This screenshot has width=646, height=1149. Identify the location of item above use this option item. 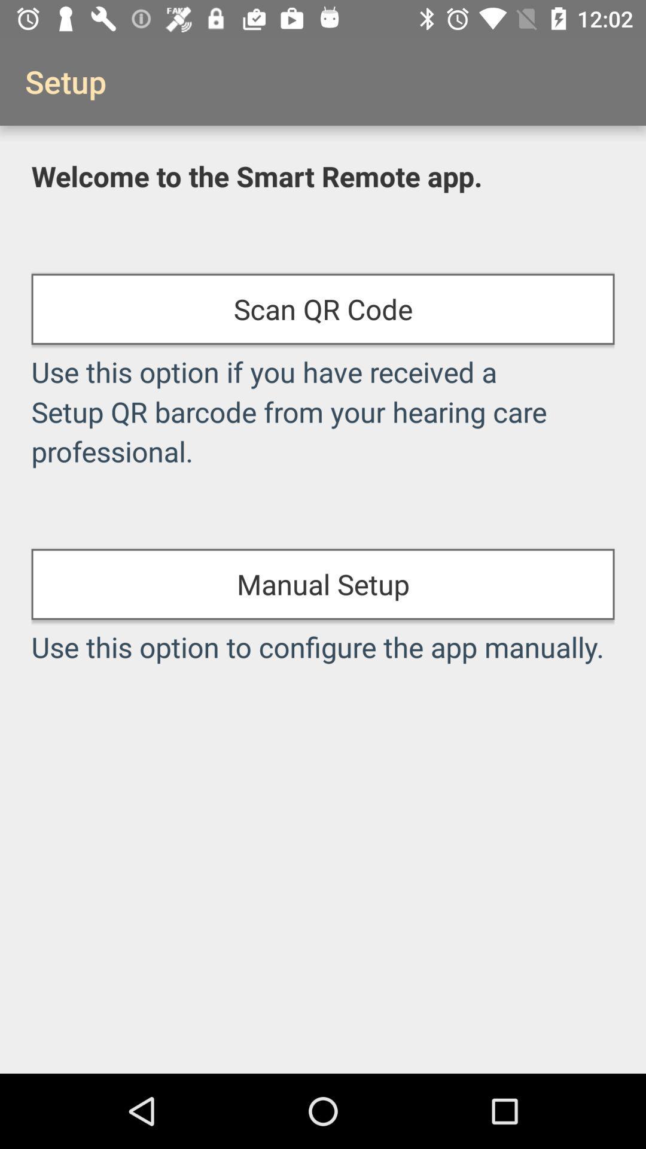
(323, 584).